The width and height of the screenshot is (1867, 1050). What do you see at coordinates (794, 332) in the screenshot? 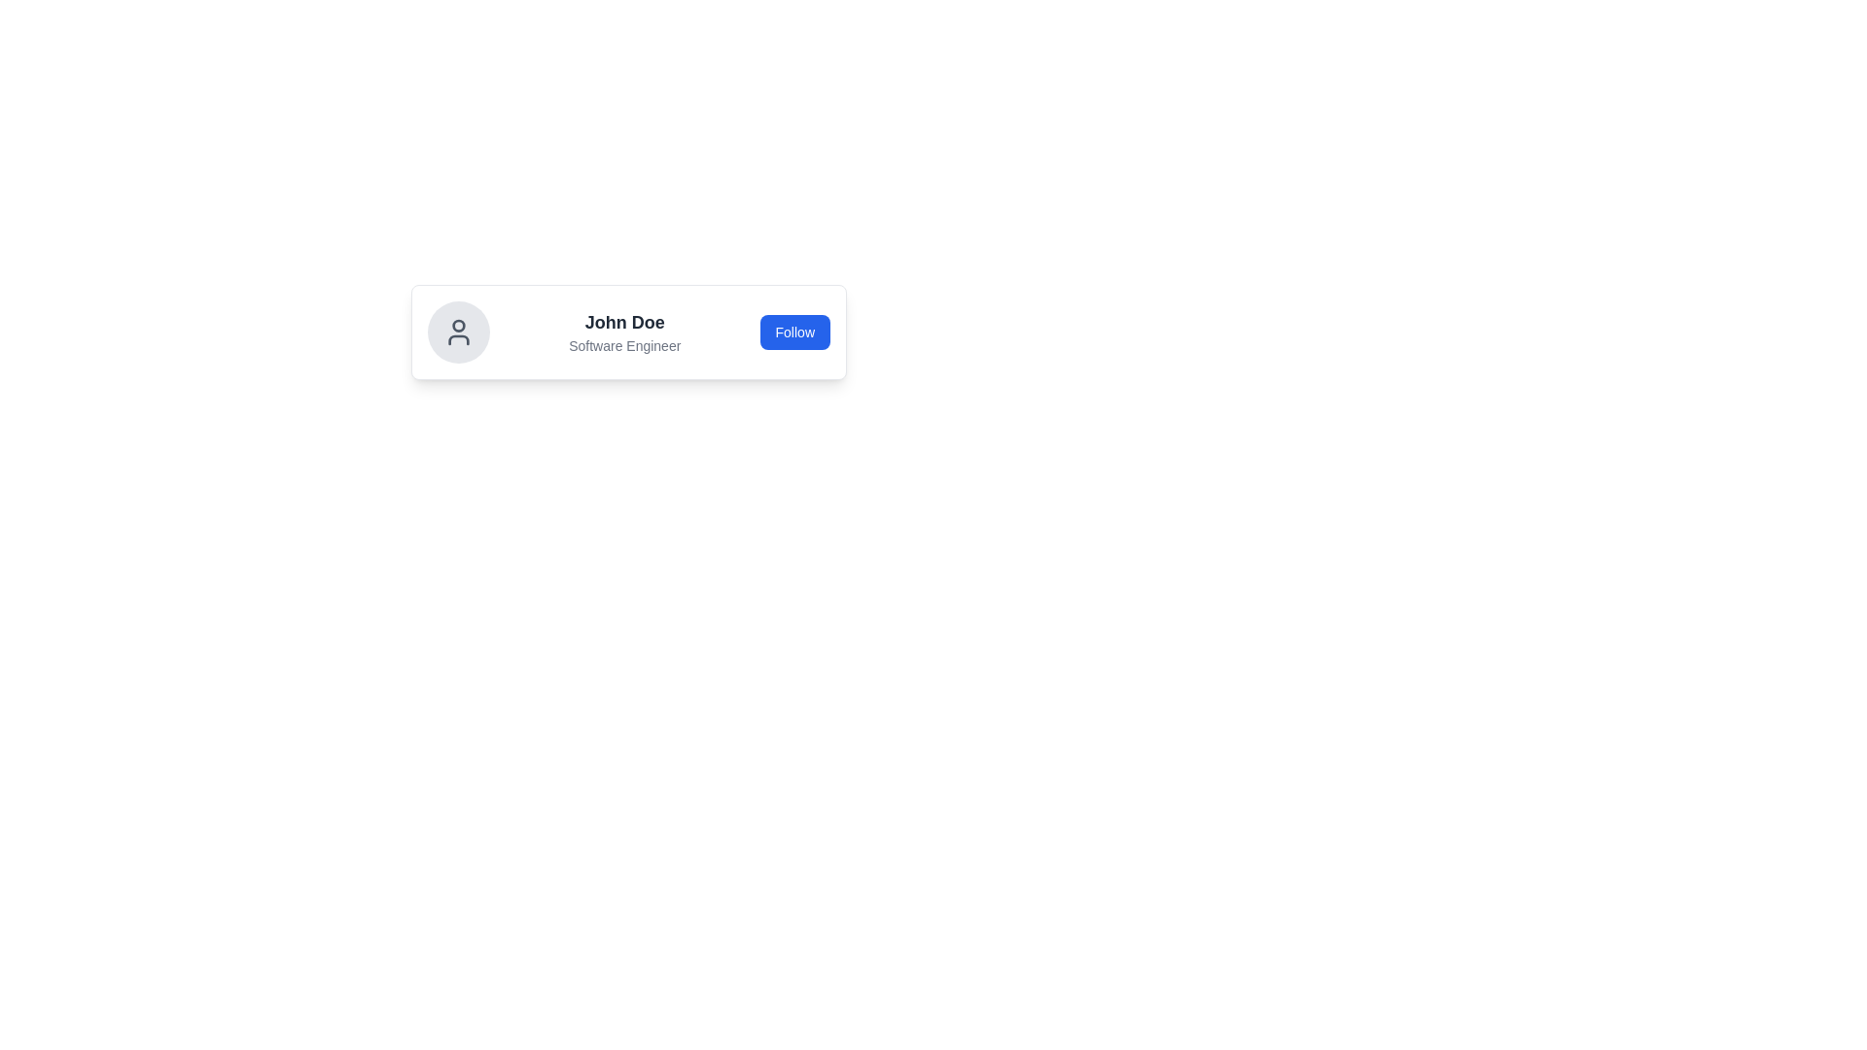
I see `the 'Follow' button, which has a blue background and white text, located at the right edge of the profile card` at bounding box center [794, 332].